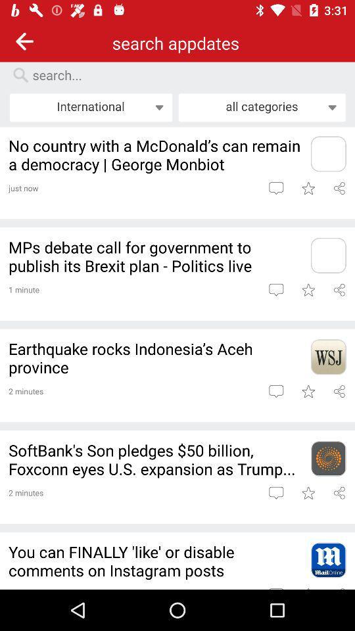  I want to click on app, so click(327, 357).